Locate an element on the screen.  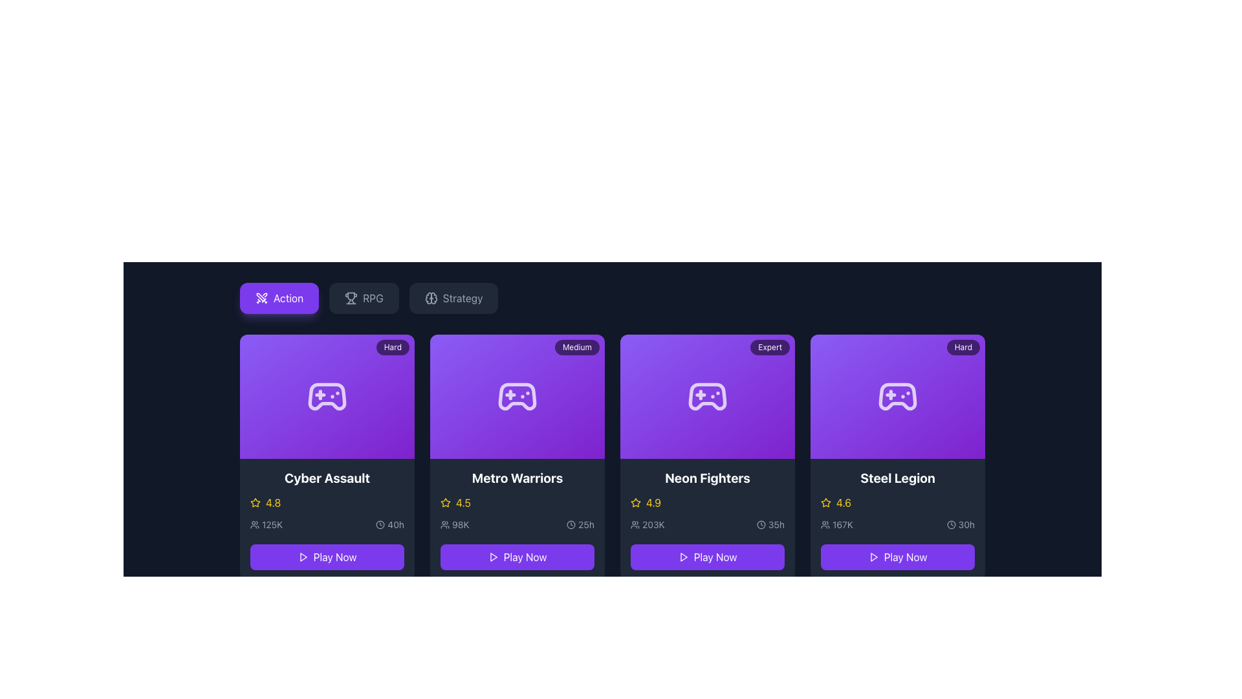
the text indicating the duration of gameplay, which shows '25 hours' and is located in the lower section of the 'Metro Warriors' card, next to the '98K' element is located at coordinates (580, 524).